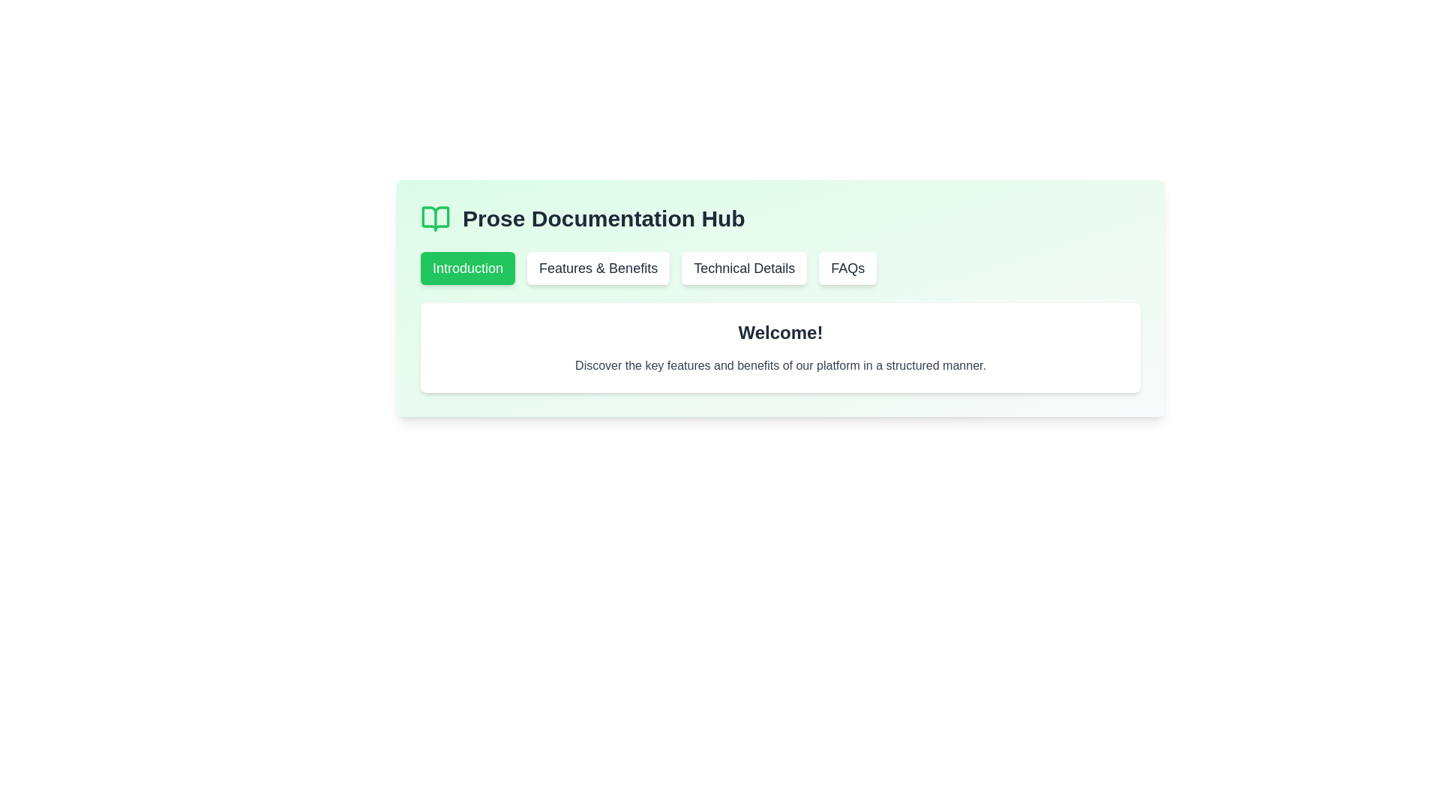  I want to click on the 'FAQs' button, which is a rectangular button with rounded corners, a white background, and gray text, located in the navigation bar as the fourth button from the left, so click(847, 268).